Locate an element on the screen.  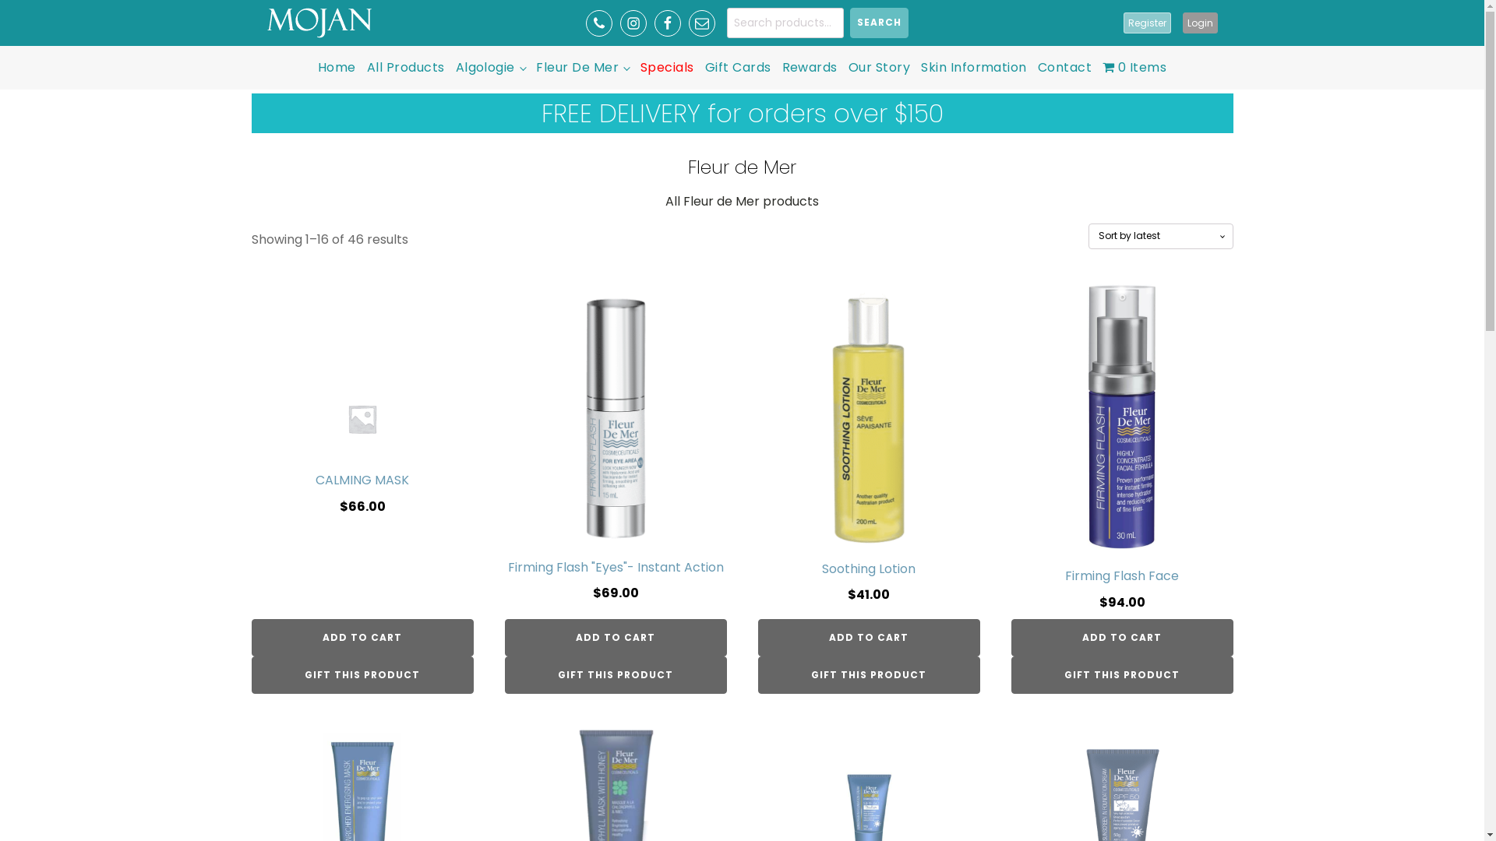
'SEARCH' is located at coordinates (879, 23).